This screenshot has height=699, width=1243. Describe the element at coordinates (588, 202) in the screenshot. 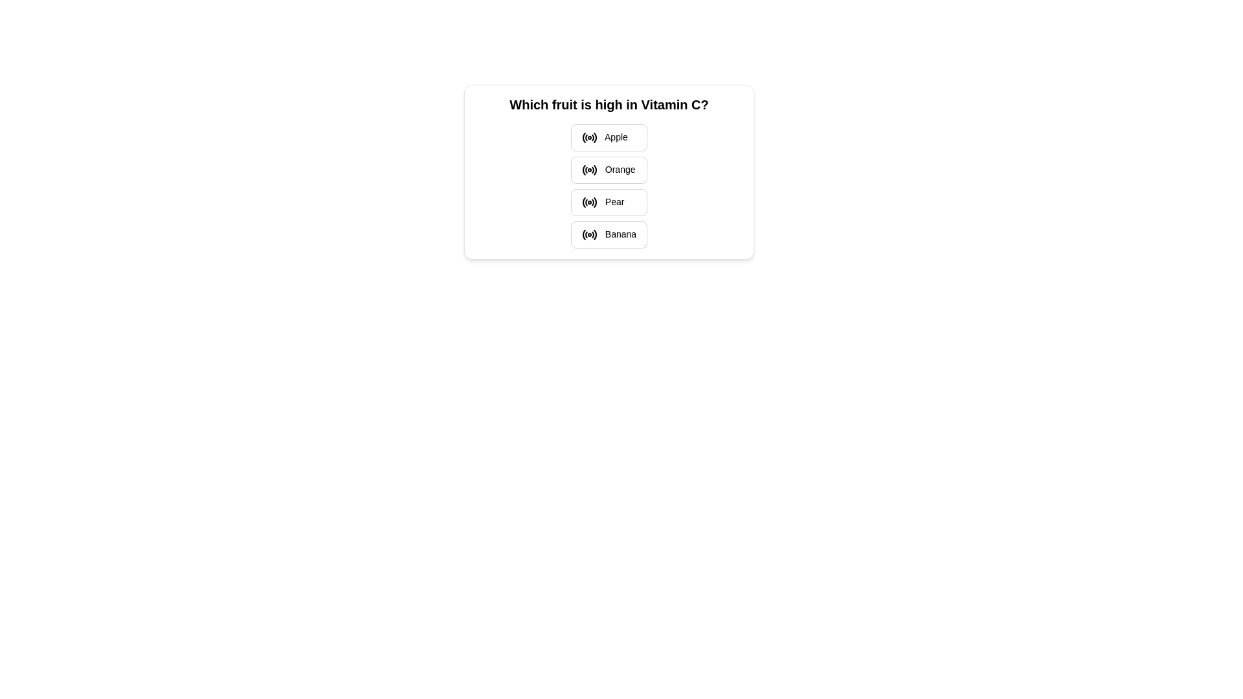

I see `the circular SVG graphic icon resembling a radio wave, which is positioned to the left of the text label 'Pear' in the third option of a vertical list of selectable items` at that location.